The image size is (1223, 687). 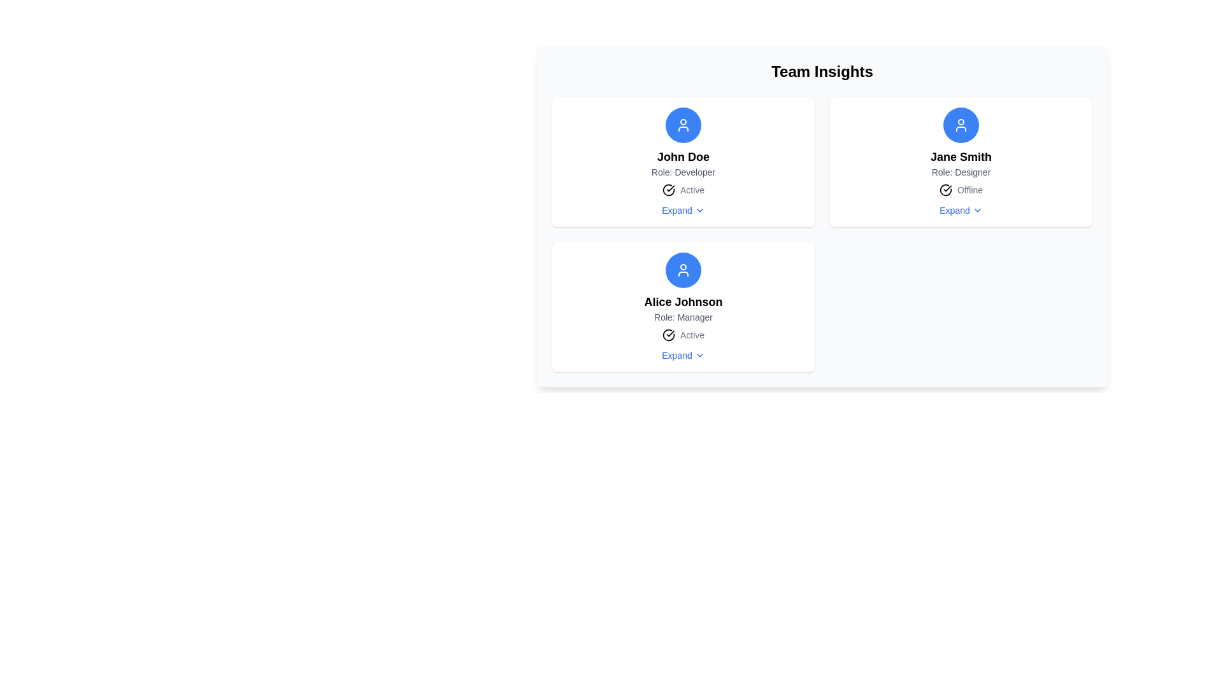 What do you see at coordinates (961, 125) in the screenshot?
I see `the circular user icon with a blue background and white design, located in the top-right quadrant of the 'Jane Smith' team information card` at bounding box center [961, 125].